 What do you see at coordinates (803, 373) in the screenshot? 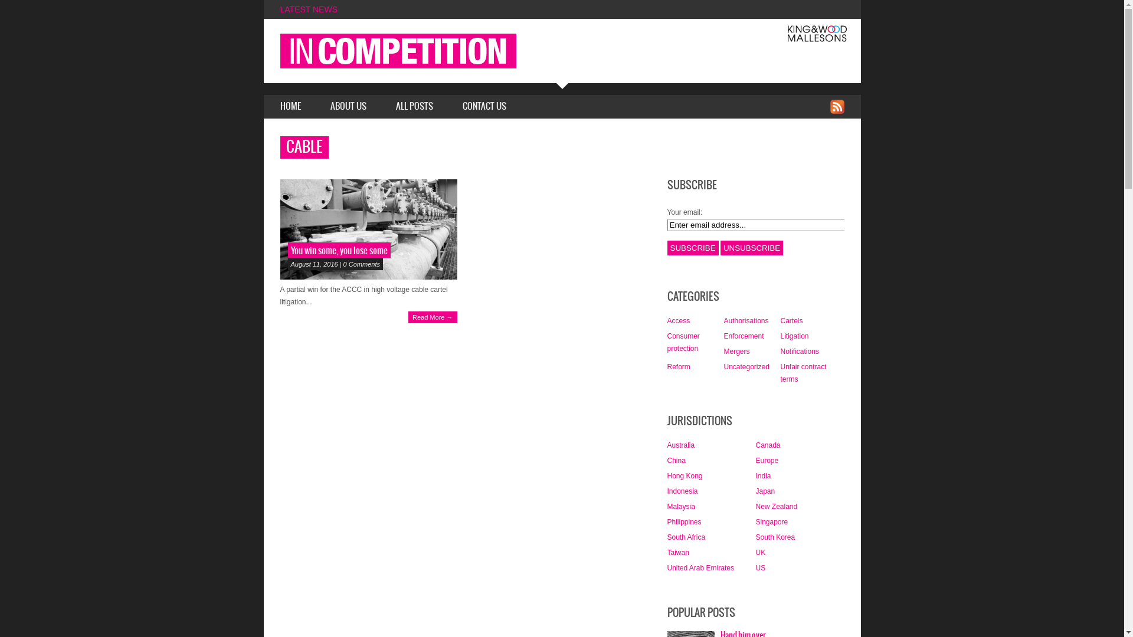
I see `'Unfair contract terms'` at bounding box center [803, 373].